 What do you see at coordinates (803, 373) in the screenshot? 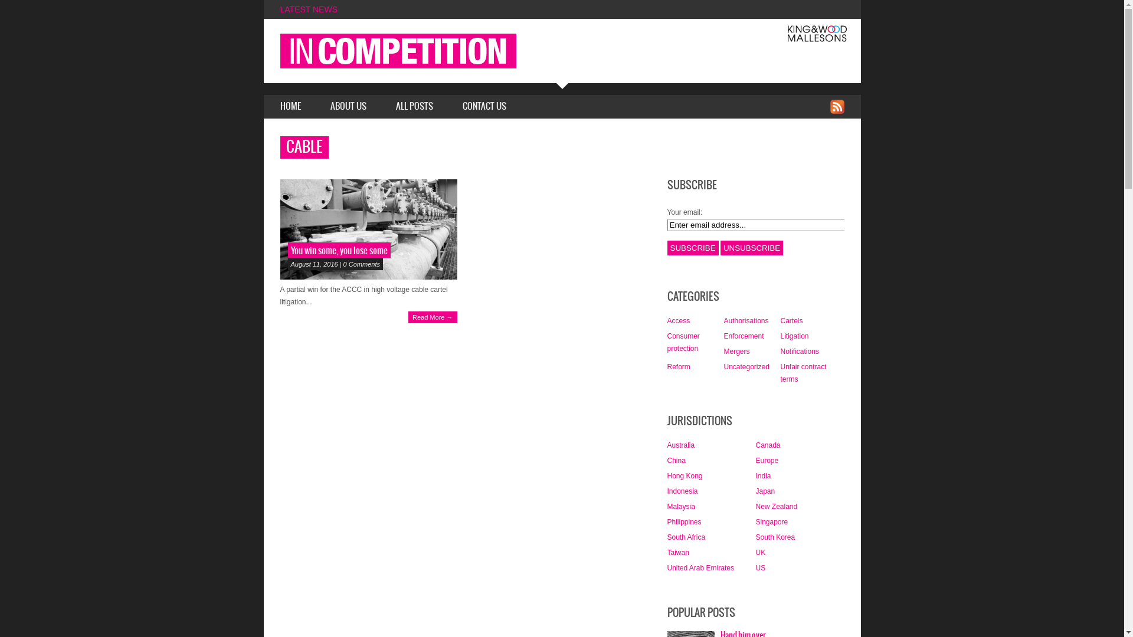
I see `'Unfair contract terms'` at bounding box center [803, 373].